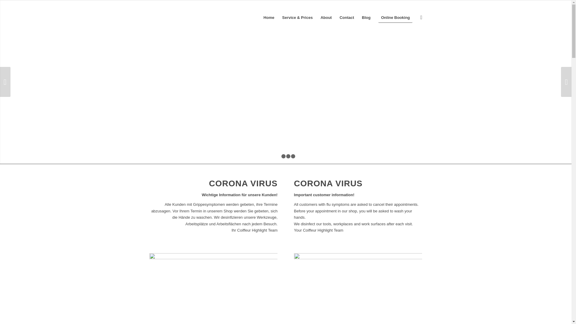  I want to click on 'Blog', so click(366, 17).